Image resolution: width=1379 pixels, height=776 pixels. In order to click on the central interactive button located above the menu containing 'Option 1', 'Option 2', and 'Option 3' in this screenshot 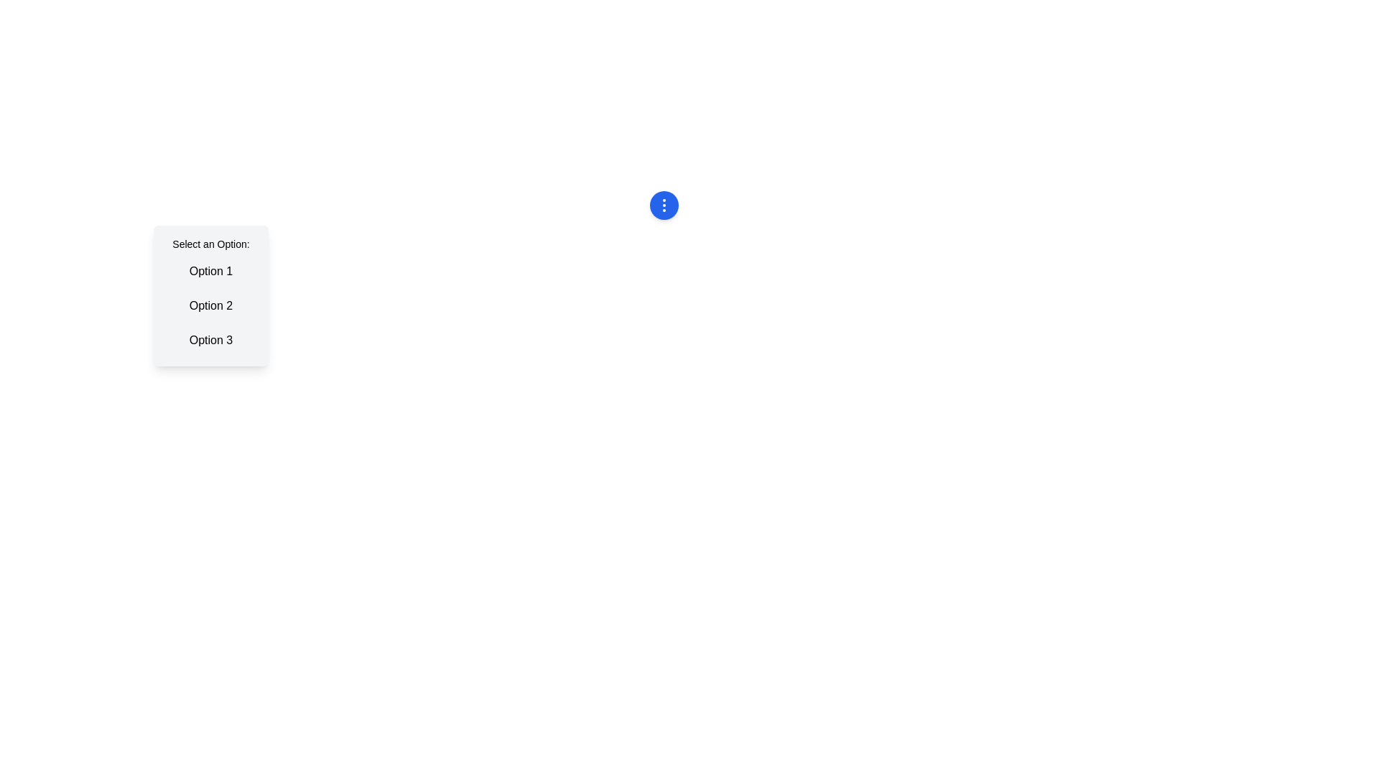, I will do `click(663, 205)`.